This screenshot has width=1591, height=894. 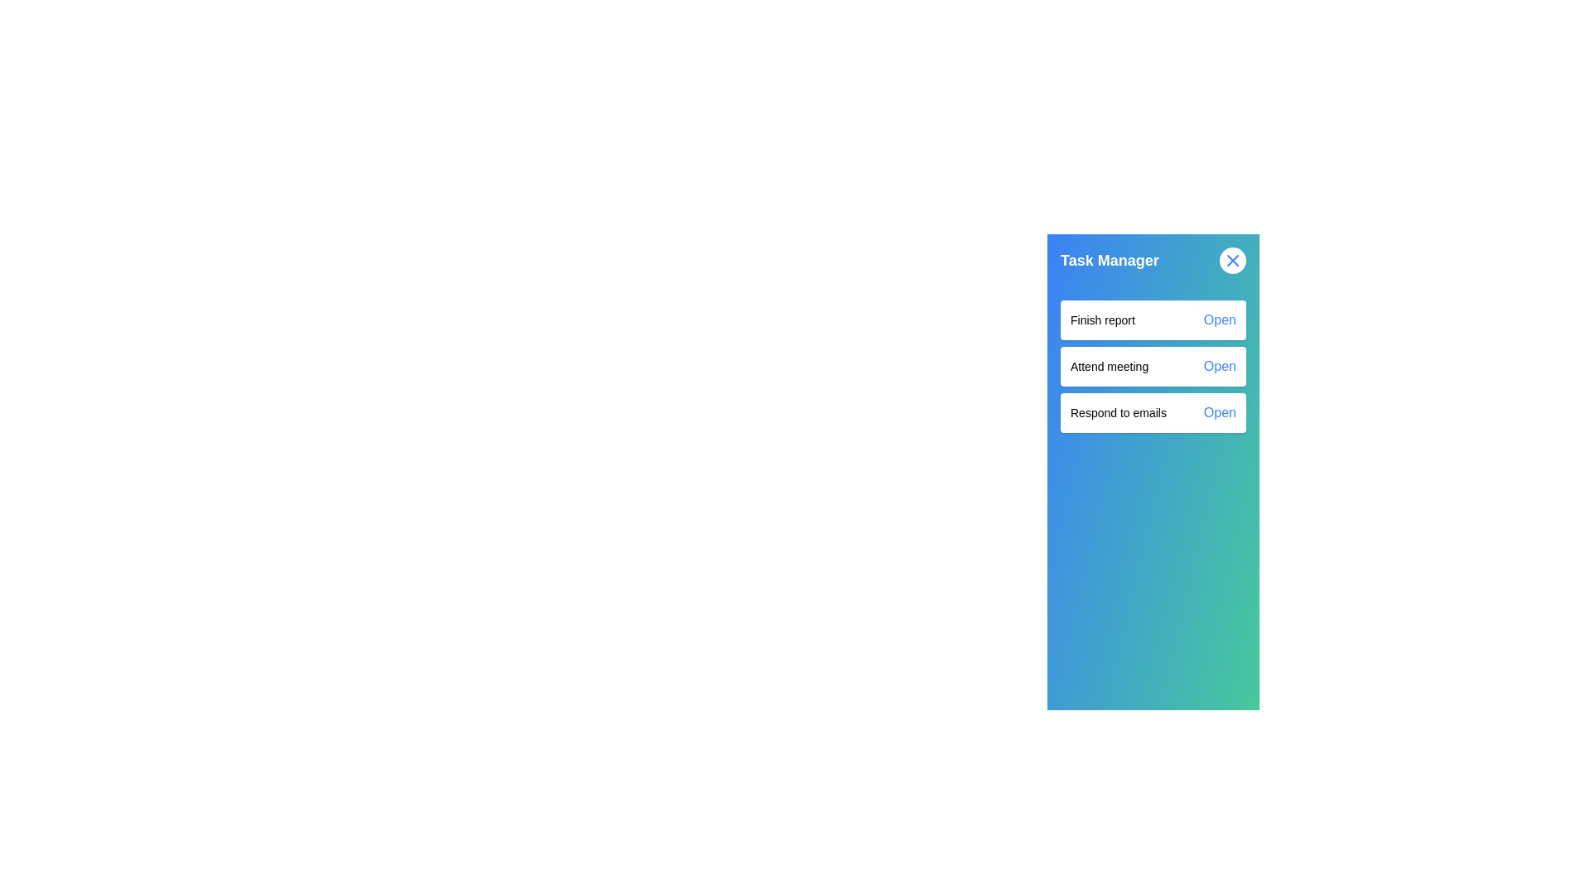 What do you see at coordinates (1110, 366) in the screenshot?
I see `the text label that describes a task item, which is the first text on the second row within a vertical stack of task items in the panel, left-aligned to the 'Open' element` at bounding box center [1110, 366].